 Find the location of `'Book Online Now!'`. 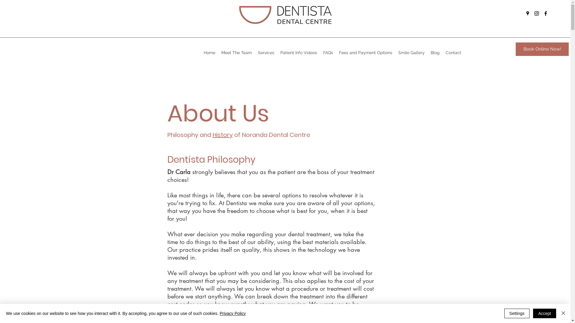

'Book Online Now!' is located at coordinates (542, 49).